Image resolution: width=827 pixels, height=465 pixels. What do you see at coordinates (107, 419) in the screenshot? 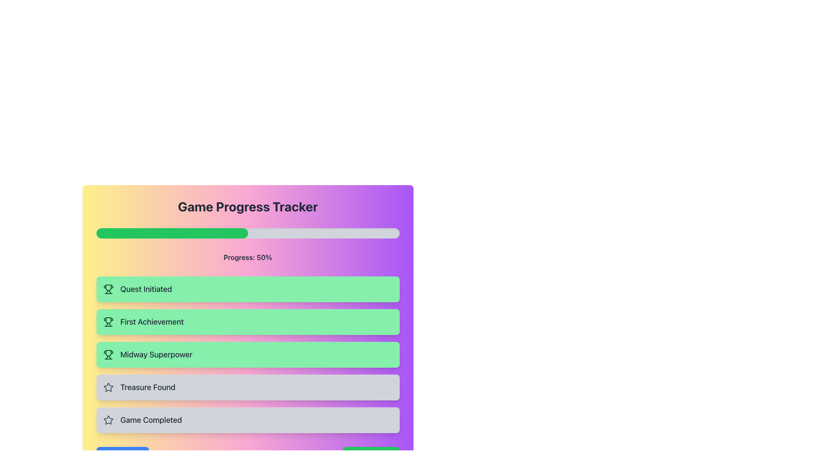
I see `the outlined gray star icon representing the 'Treasure Found' milestone in the fifth row of the progress tracker UI to interact with it` at bounding box center [107, 419].